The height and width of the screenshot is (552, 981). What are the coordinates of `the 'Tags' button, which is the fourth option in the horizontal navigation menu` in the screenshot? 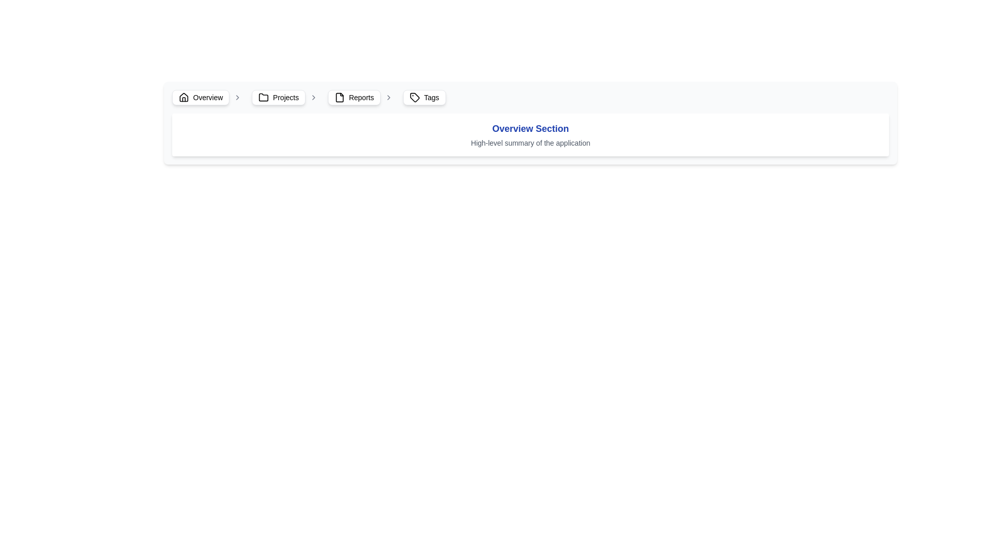 It's located at (424, 98).